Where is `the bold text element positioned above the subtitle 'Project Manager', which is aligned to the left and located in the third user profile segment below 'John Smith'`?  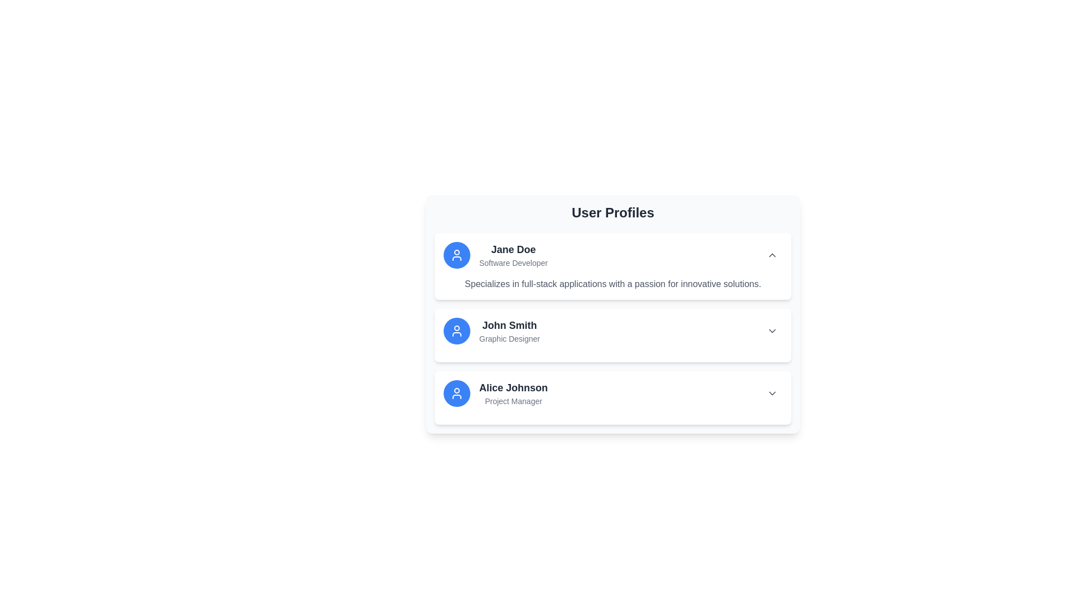
the bold text element positioned above the subtitle 'Project Manager', which is aligned to the left and located in the third user profile segment below 'John Smith' is located at coordinates (513, 387).